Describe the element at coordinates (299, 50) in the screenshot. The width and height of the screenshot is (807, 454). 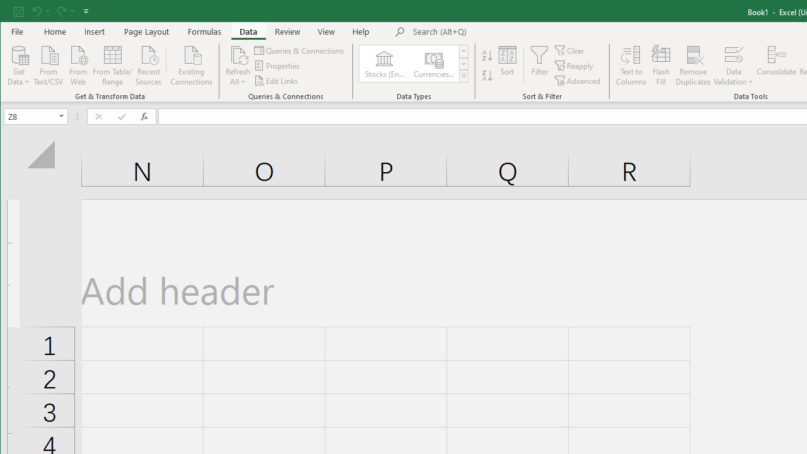
I see `'Queries & Connections'` at that location.